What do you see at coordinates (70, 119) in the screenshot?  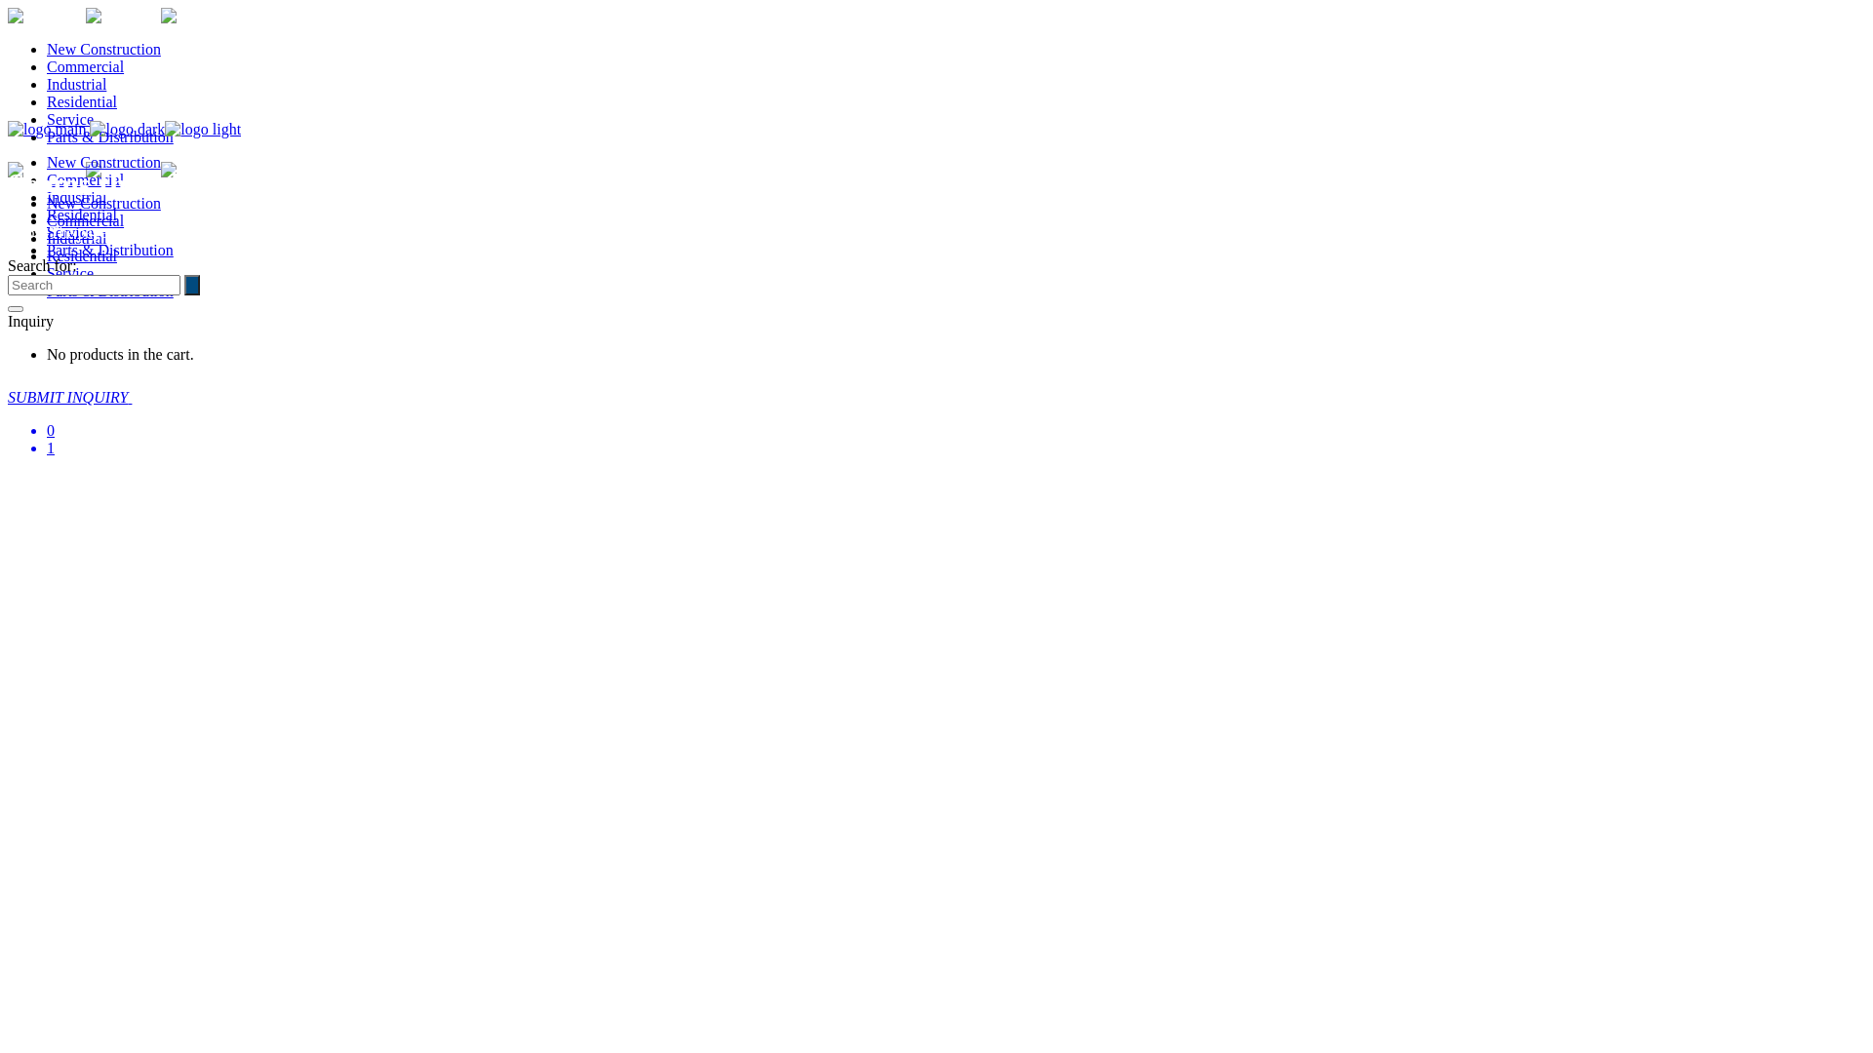 I see `'Service'` at bounding box center [70, 119].